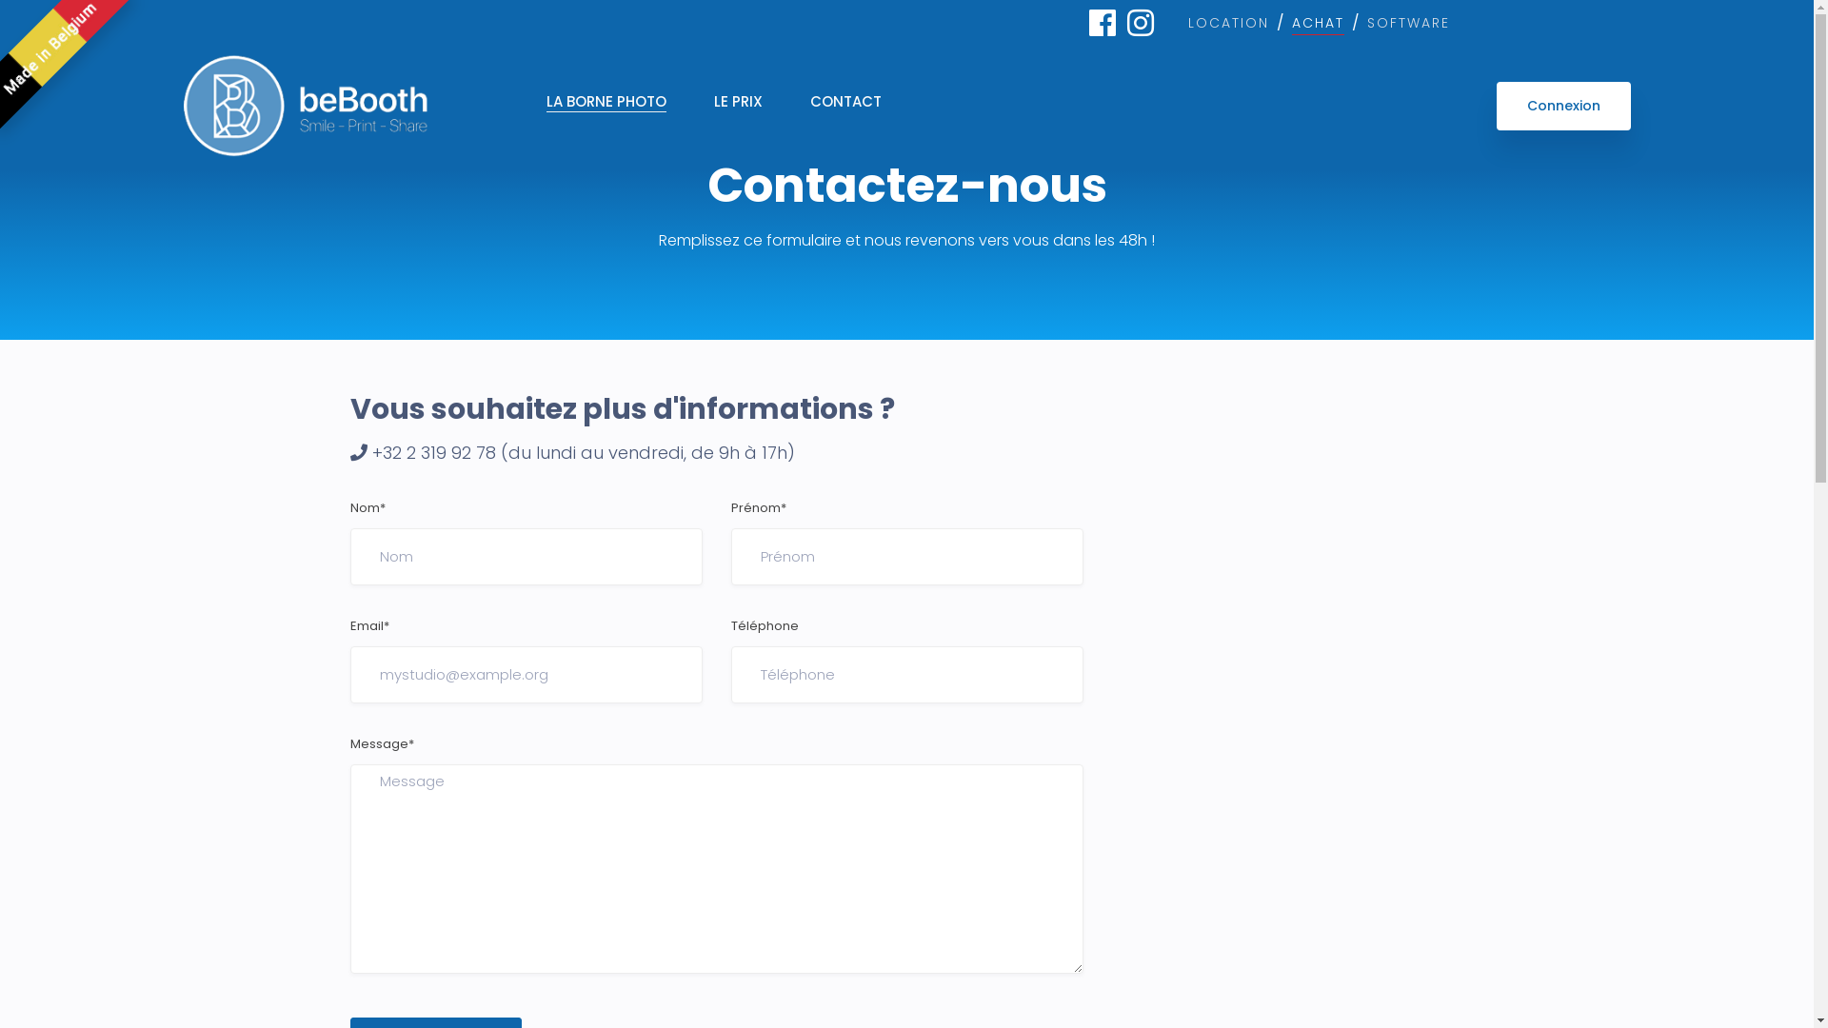 Image resolution: width=1828 pixels, height=1028 pixels. What do you see at coordinates (1563, 106) in the screenshot?
I see `'Connexion'` at bounding box center [1563, 106].